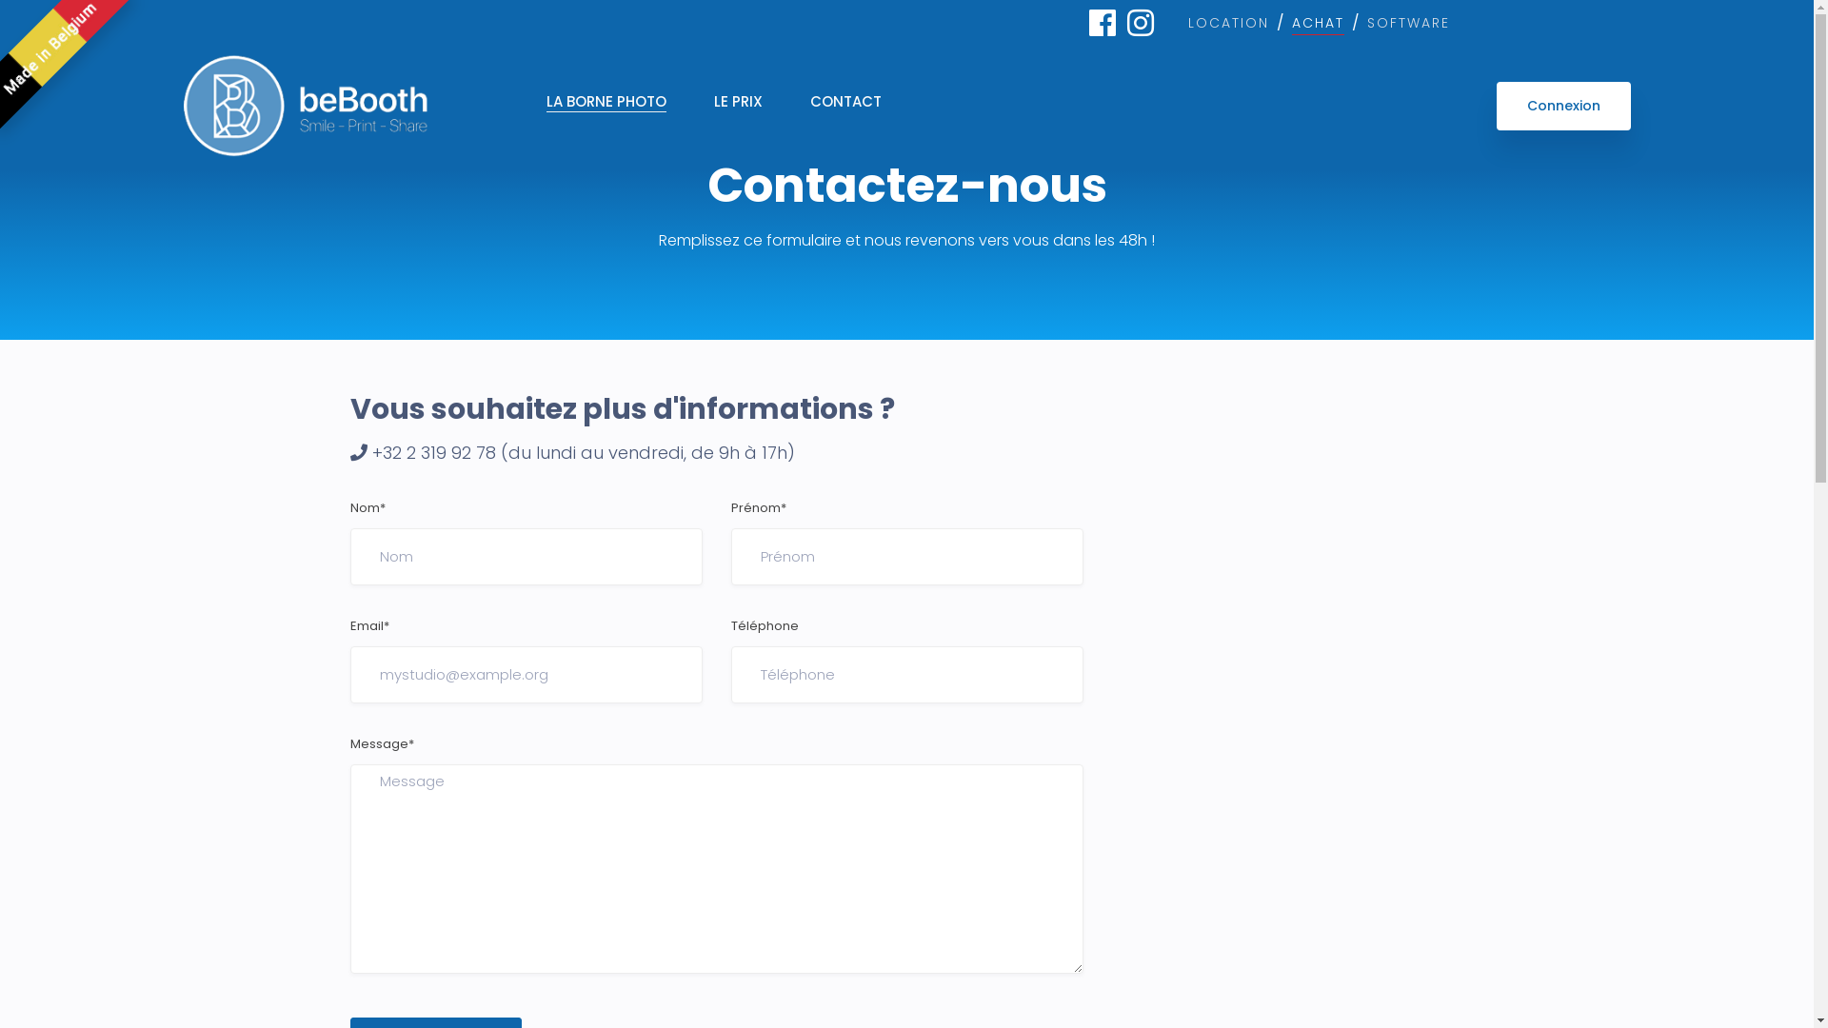 Image resolution: width=1828 pixels, height=1028 pixels. What do you see at coordinates (1563, 106) in the screenshot?
I see `'Connexion'` at bounding box center [1563, 106].